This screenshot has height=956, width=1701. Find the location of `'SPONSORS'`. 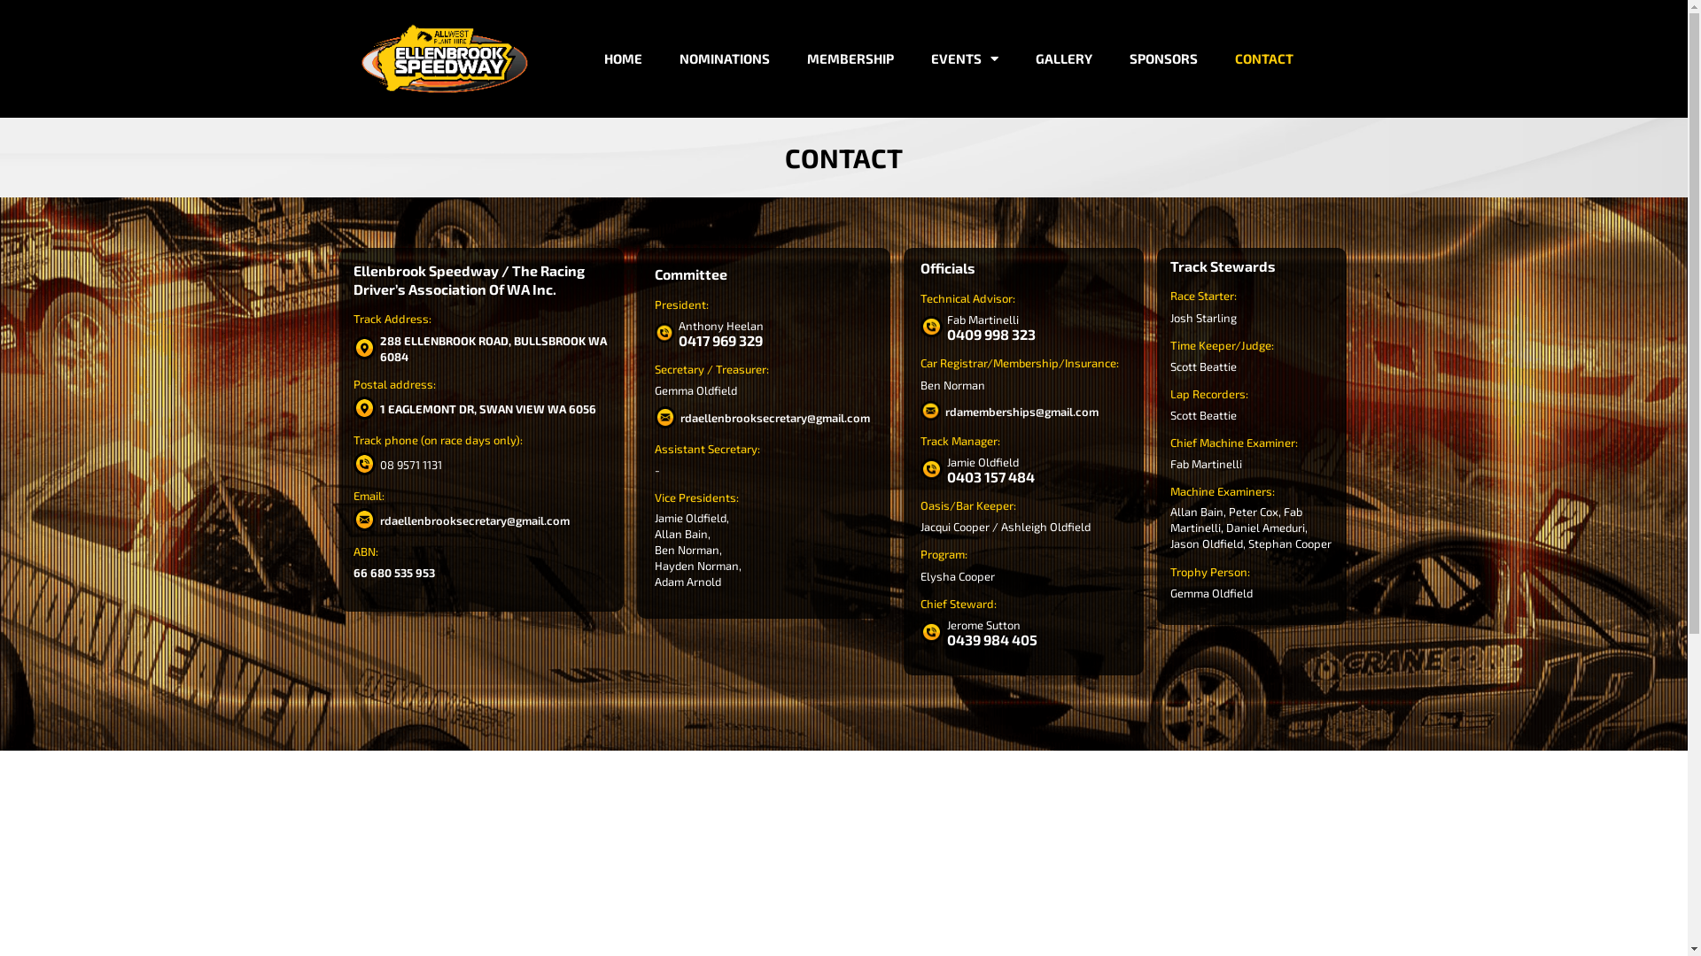

'SPONSORS' is located at coordinates (1163, 58).